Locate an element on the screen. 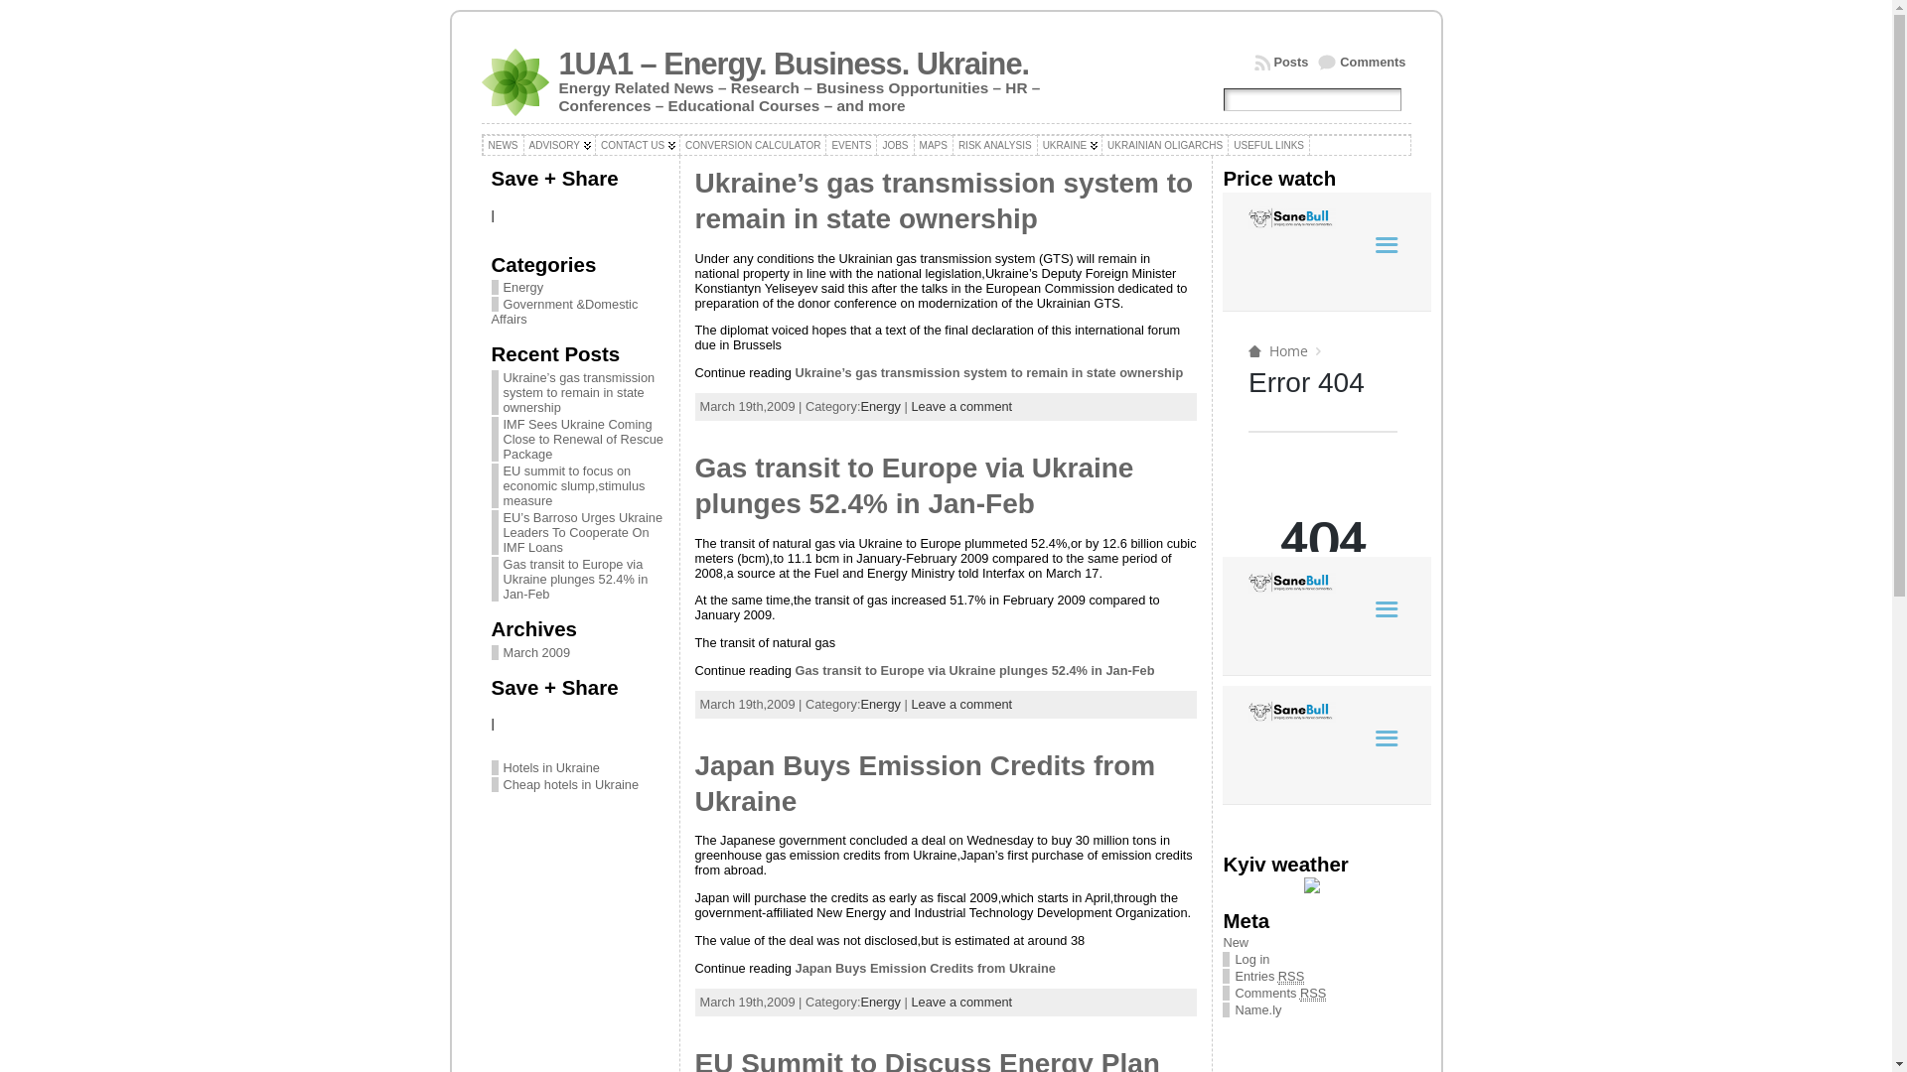 The width and height of the screenshot is (1907, 1072). 'Entries RSS' is located at coordinates (1234, 975).